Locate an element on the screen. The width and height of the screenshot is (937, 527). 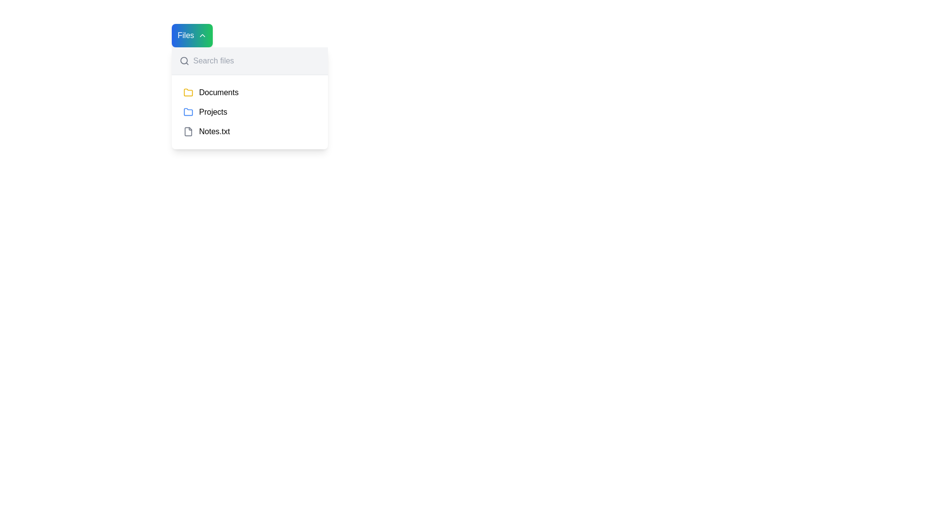
the 'Documents' folder icon located in the top-left area of the 'Files' dropdown menu, which serves as a visual representation for the folder type is located at coordinates (188, 92).